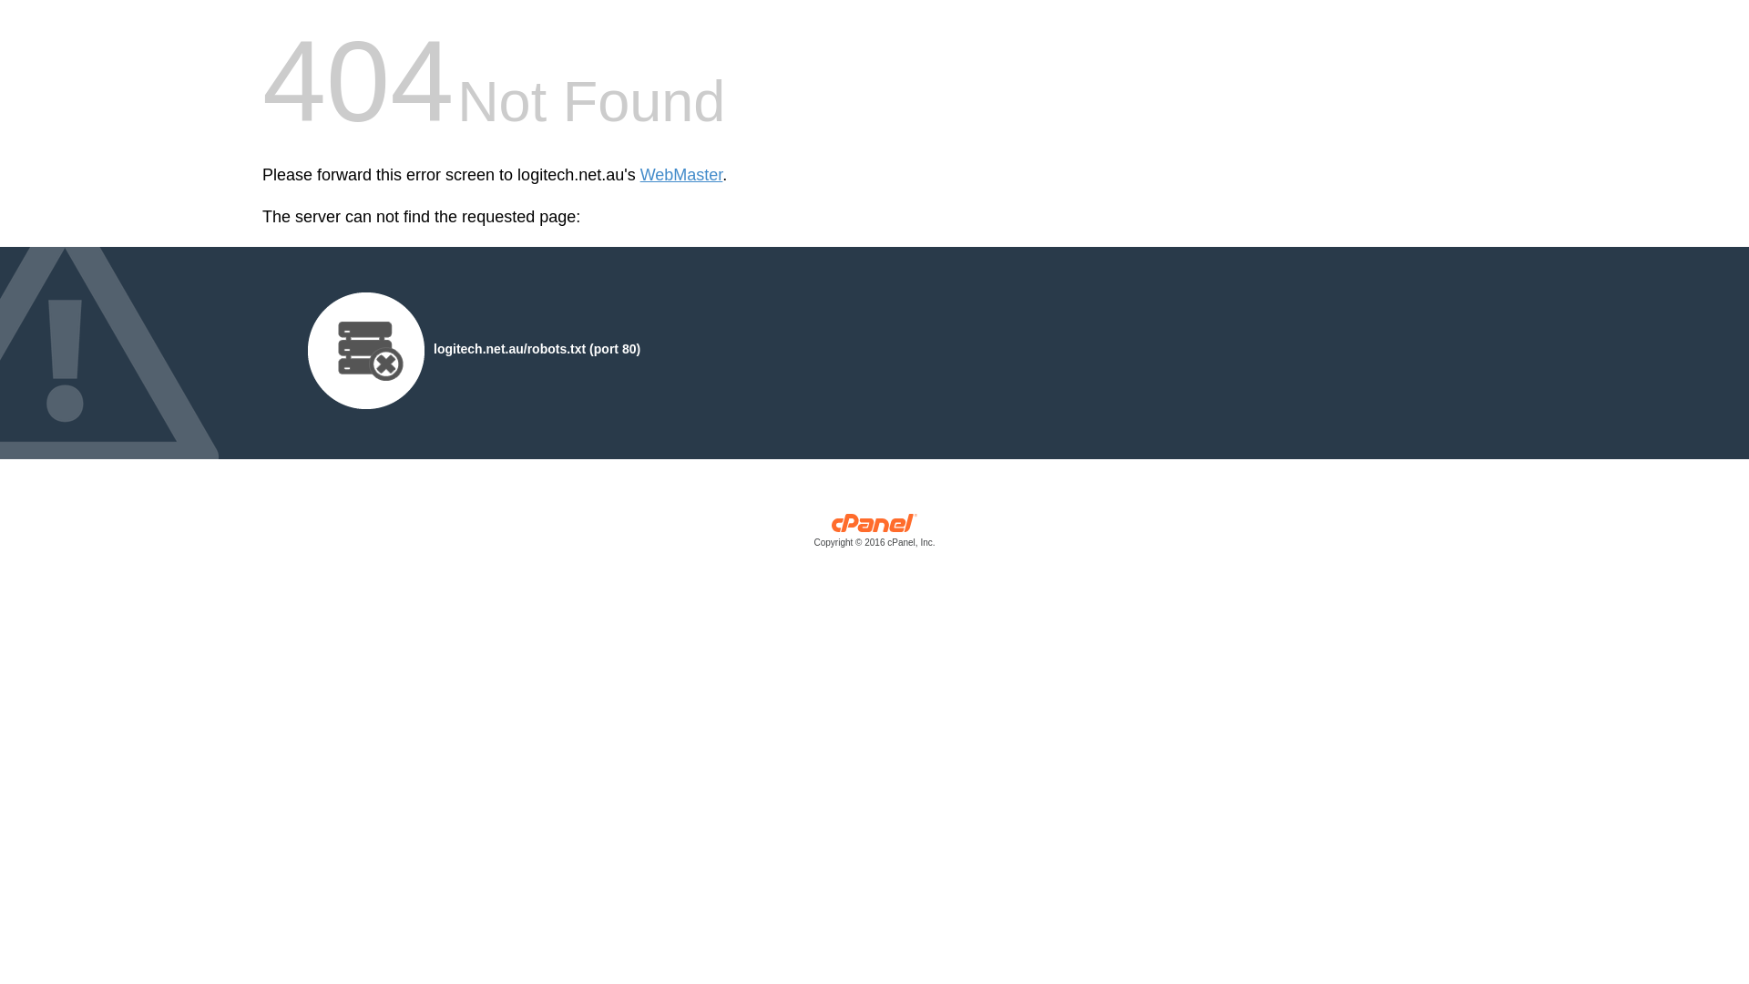  What do you see at coordinates (680, 175) in the screenshot?
I see `'WebMaster'` at bounding box center [680, 175].